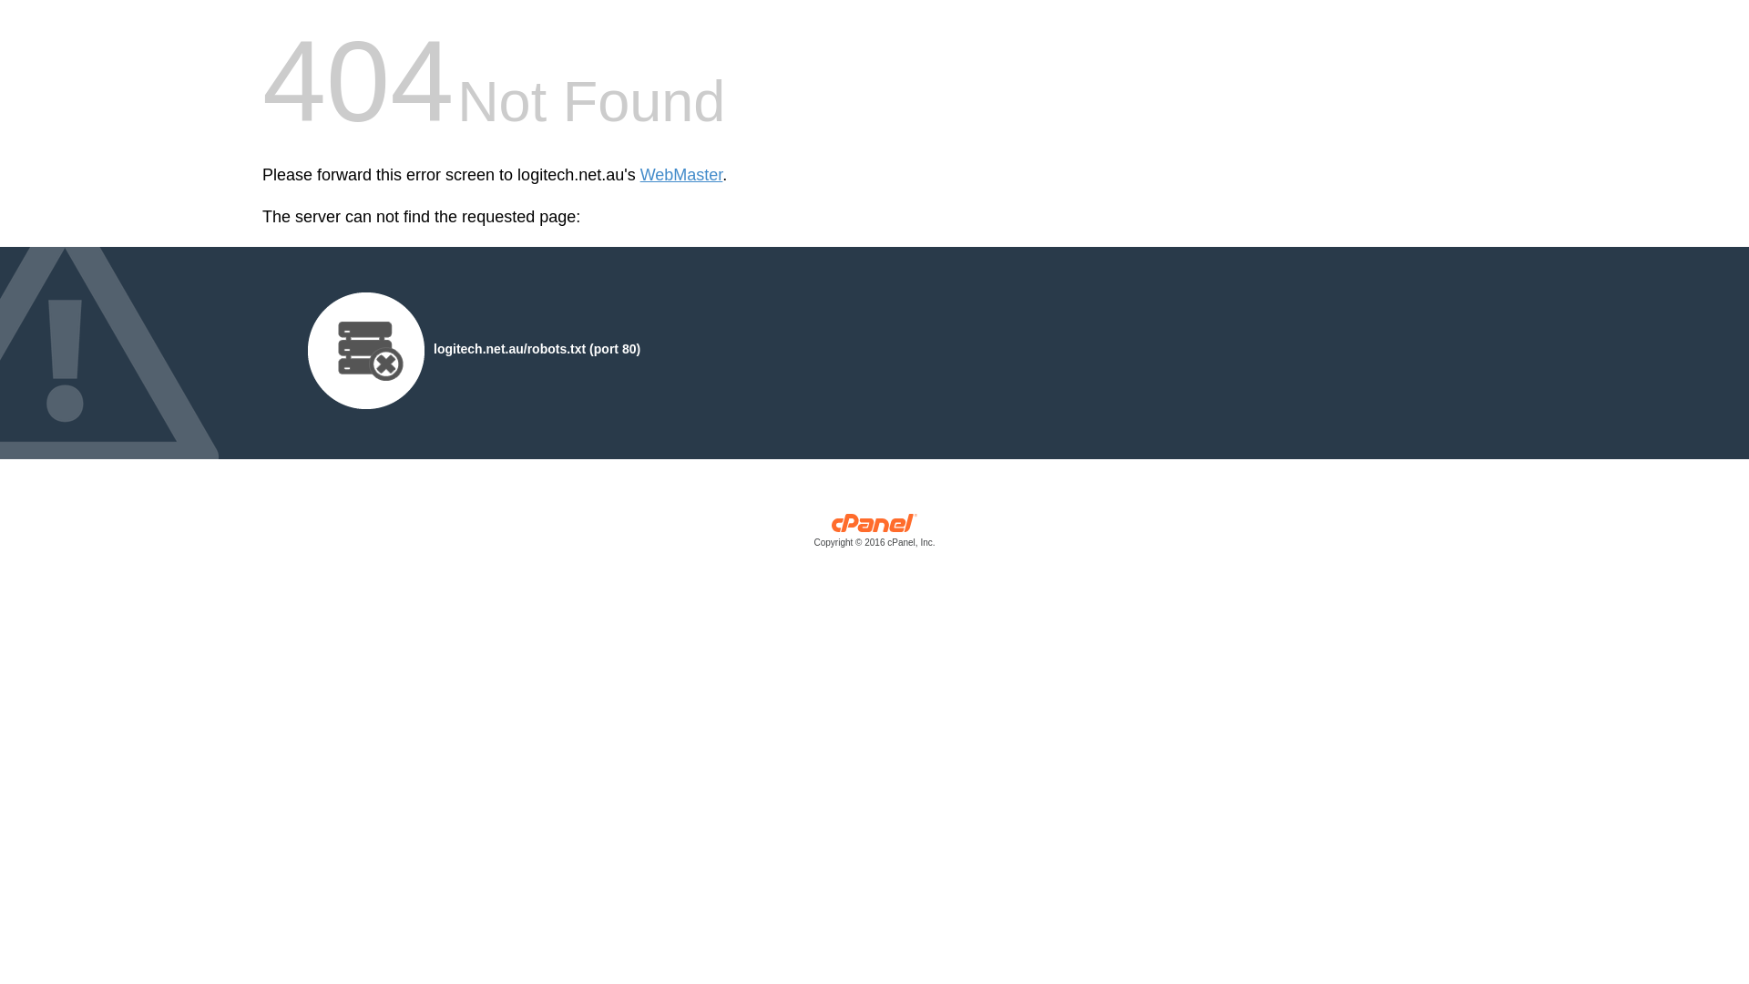  What do you see at coordinates (680, 175) in the screenshot?
I see `'WebMaster'` at bounding box center [680, 175].